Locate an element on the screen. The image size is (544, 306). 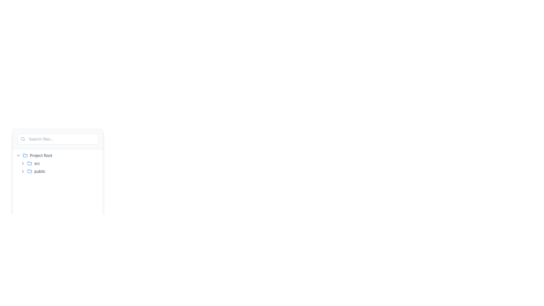
the 'Project Root' folder icon in the file navigation panel is located at coordinates (25, 155).